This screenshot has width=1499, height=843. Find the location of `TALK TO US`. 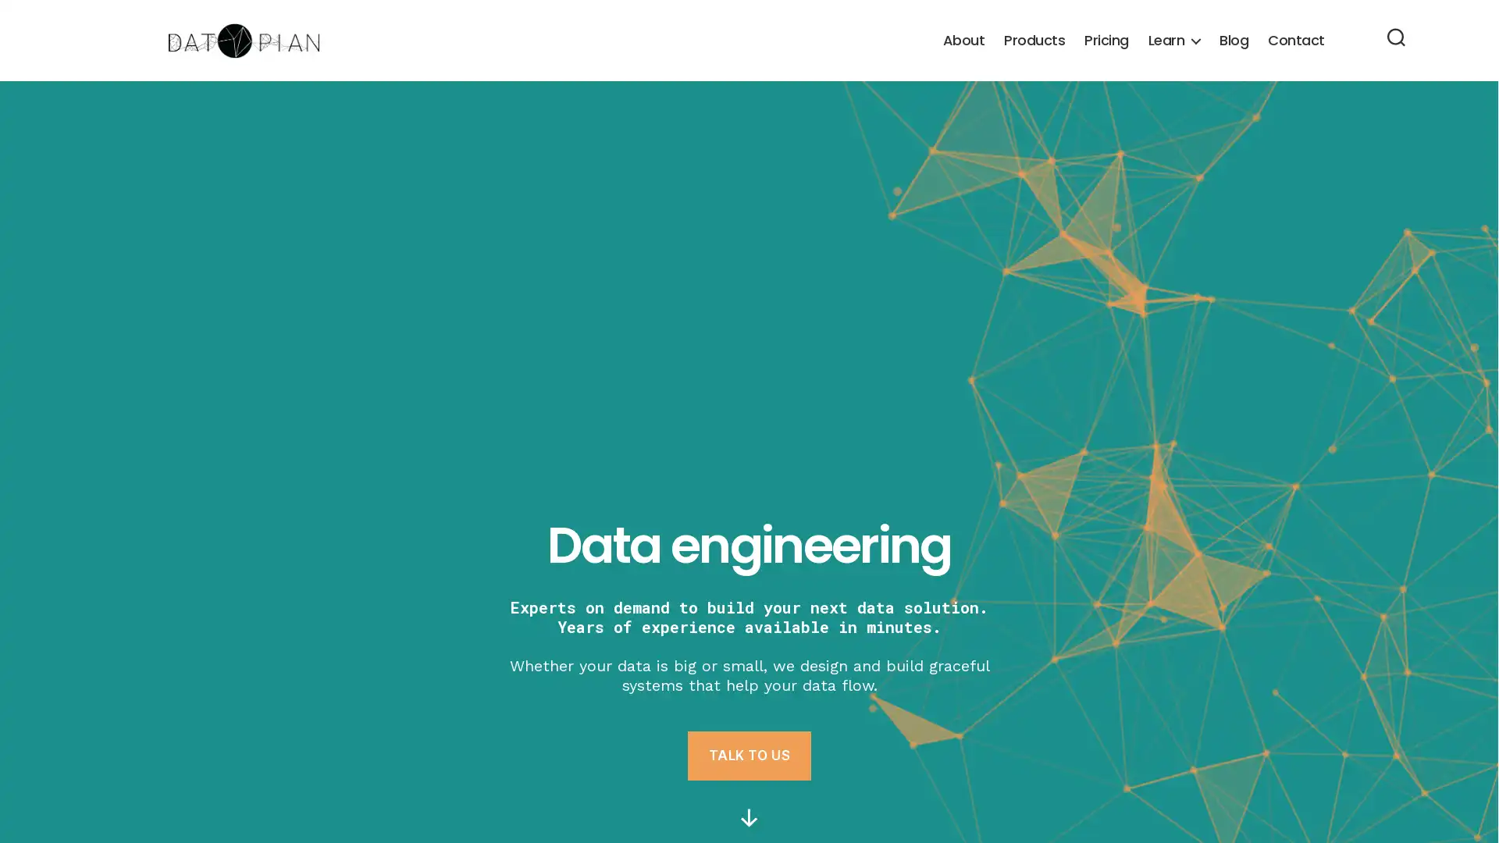

TALK TO US is located at coordinates (748, 755).